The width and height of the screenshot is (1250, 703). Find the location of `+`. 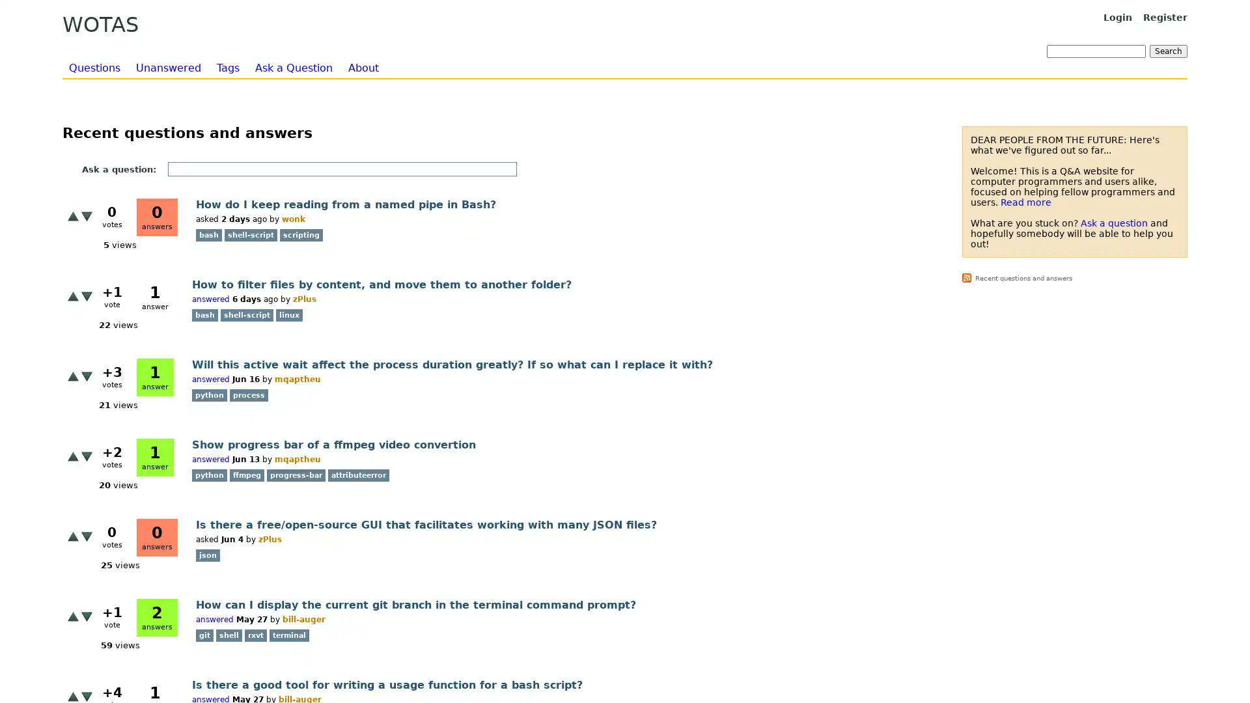

+ is located at coordinates (72, 215).